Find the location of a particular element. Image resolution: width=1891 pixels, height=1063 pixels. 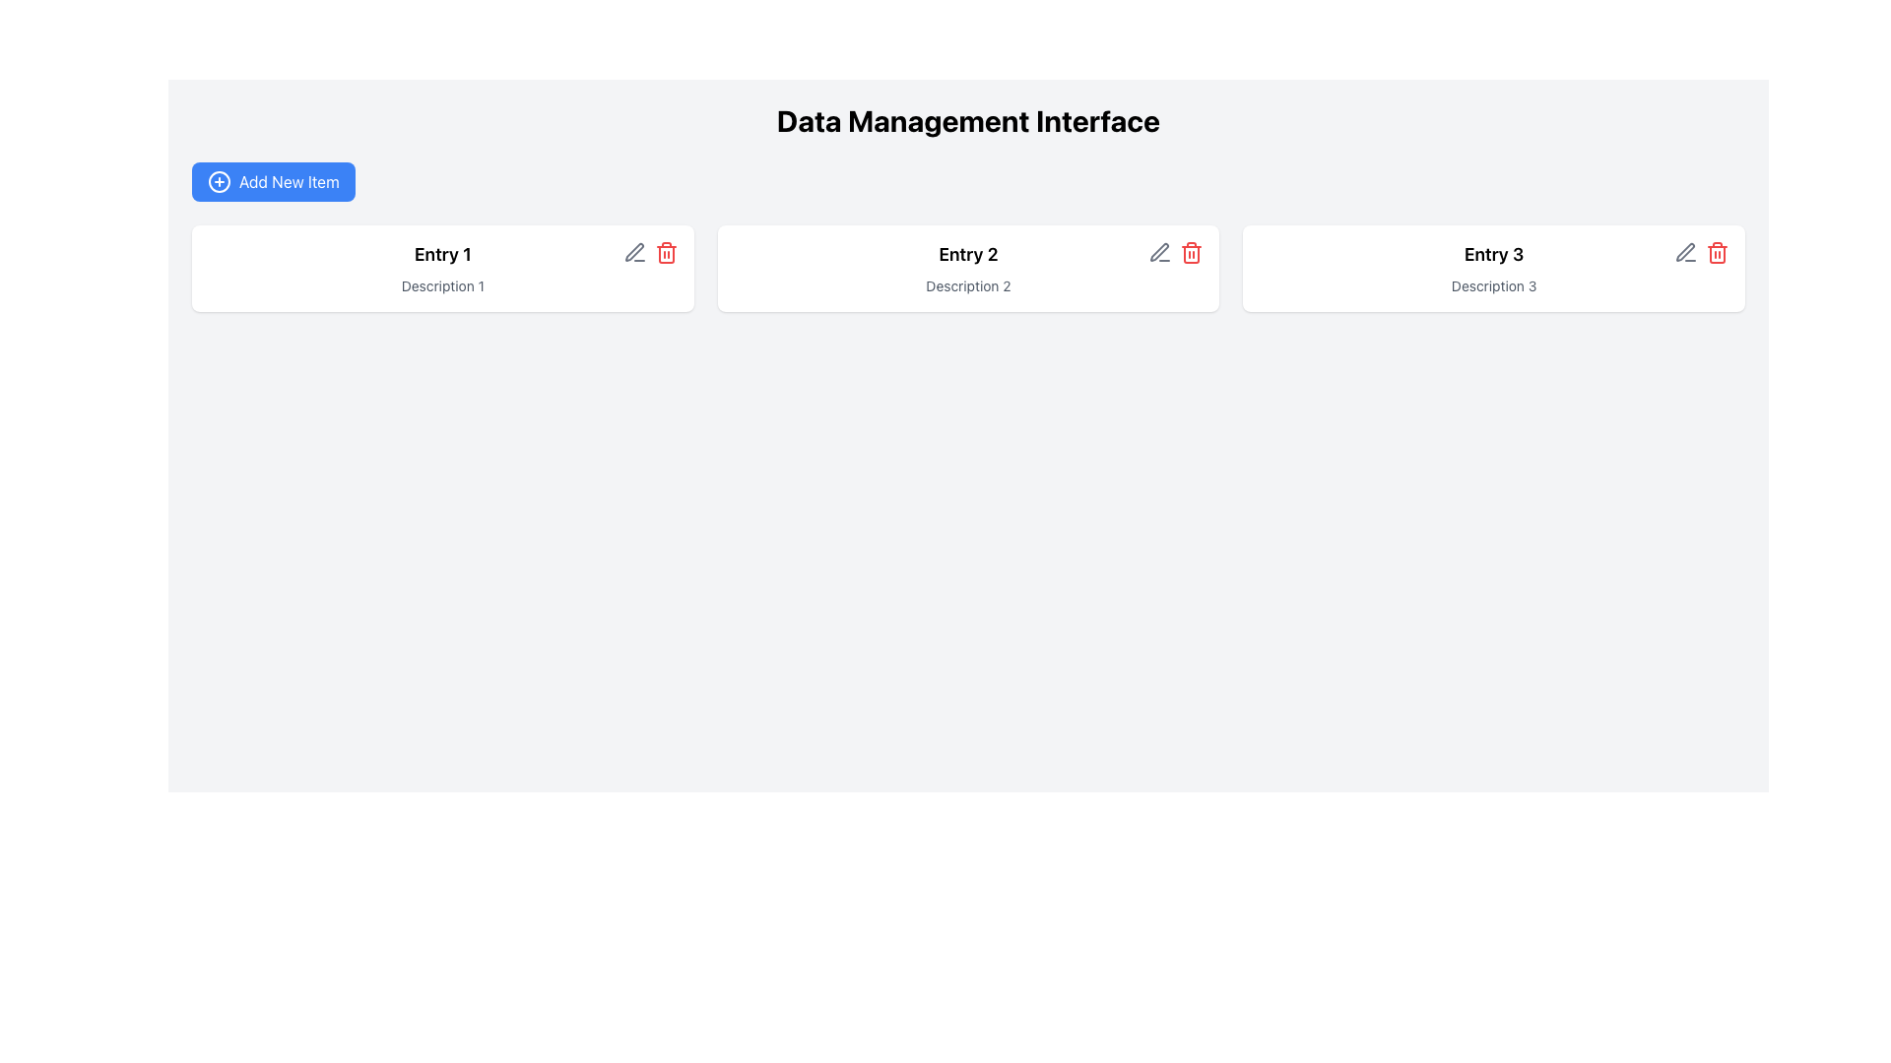

the trash bin icon located at the top-right corner of the card labeled 'Entry 2' is located at coordinates (1176, 252).